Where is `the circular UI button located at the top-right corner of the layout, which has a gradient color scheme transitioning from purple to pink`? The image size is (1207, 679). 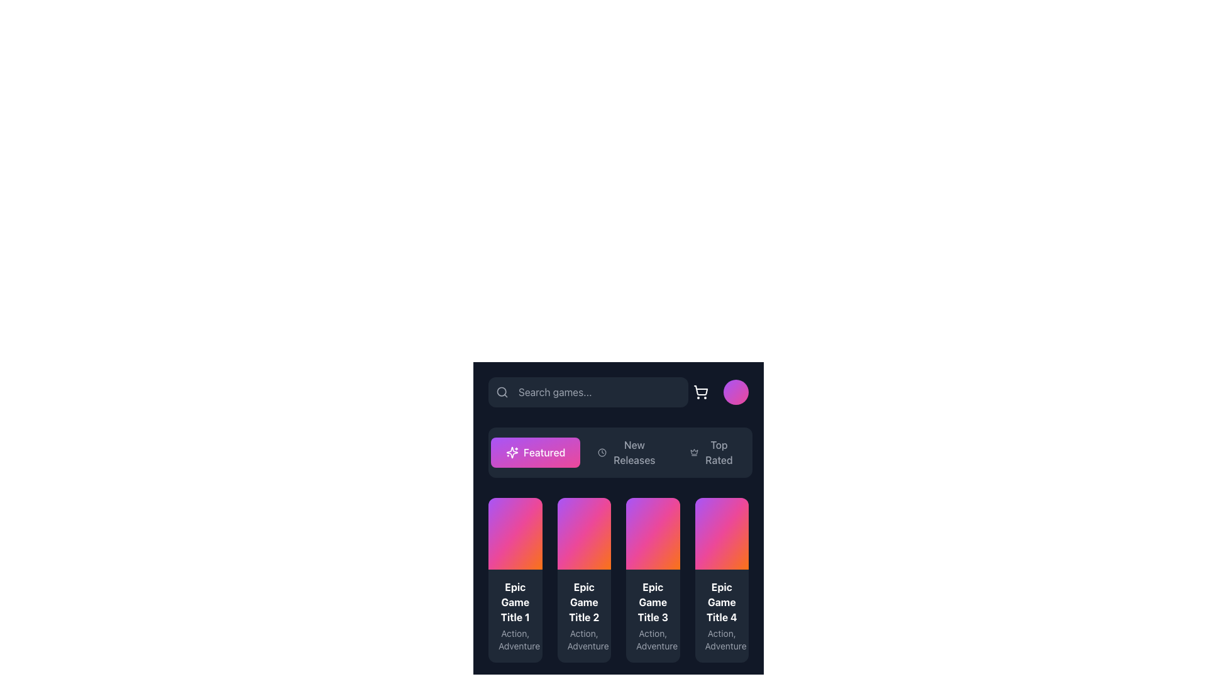 the circular UI button located at the top-right corner of the layout, which has a gradient color scheme transitioning from purple to pink is located at coordinates (736, 392).